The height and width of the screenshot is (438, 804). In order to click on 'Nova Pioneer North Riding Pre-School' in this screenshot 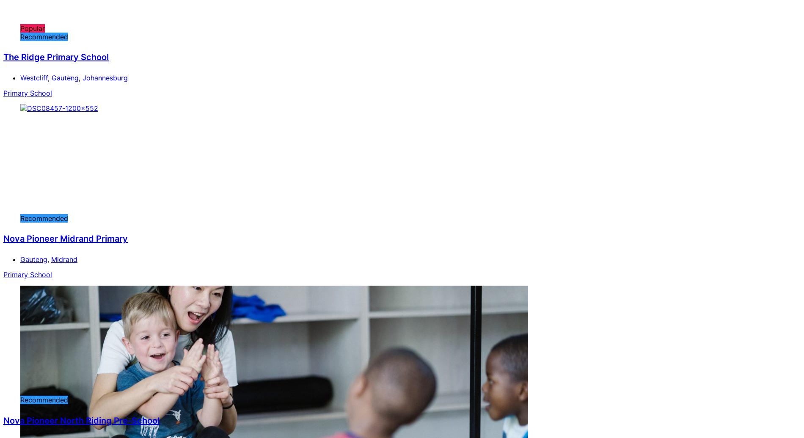, I will do `click(81, 419)`.